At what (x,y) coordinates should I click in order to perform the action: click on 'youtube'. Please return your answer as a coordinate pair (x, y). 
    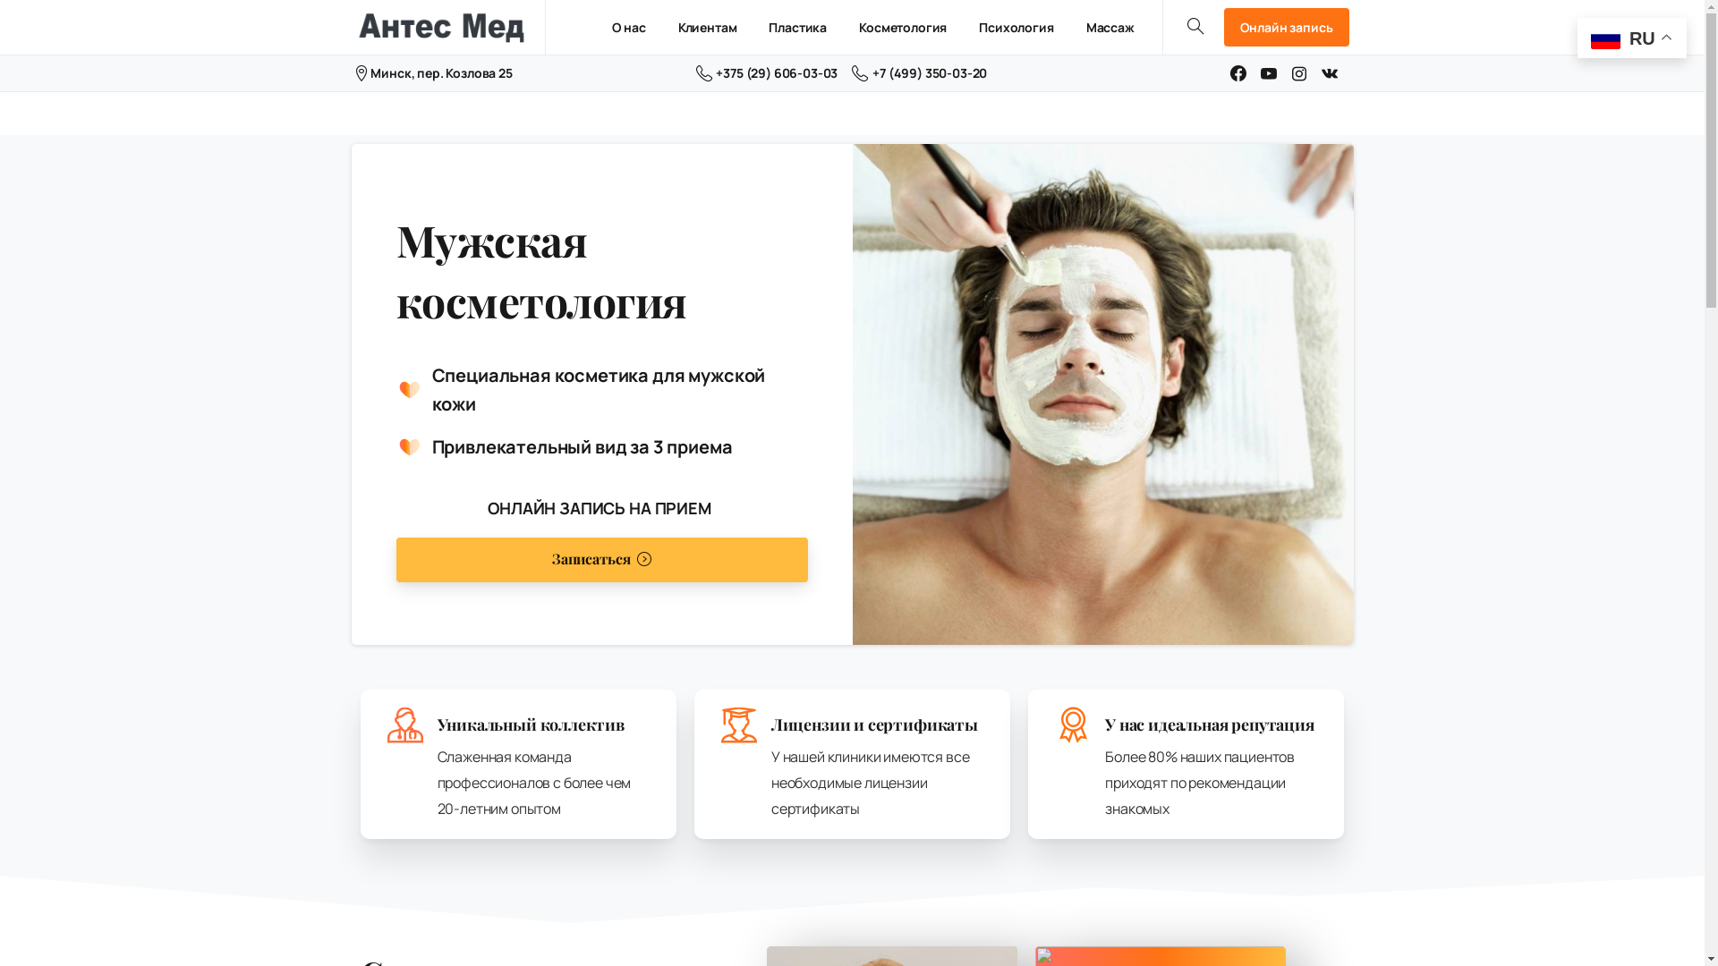
    Looking at the image, I should click on (1267, 72).